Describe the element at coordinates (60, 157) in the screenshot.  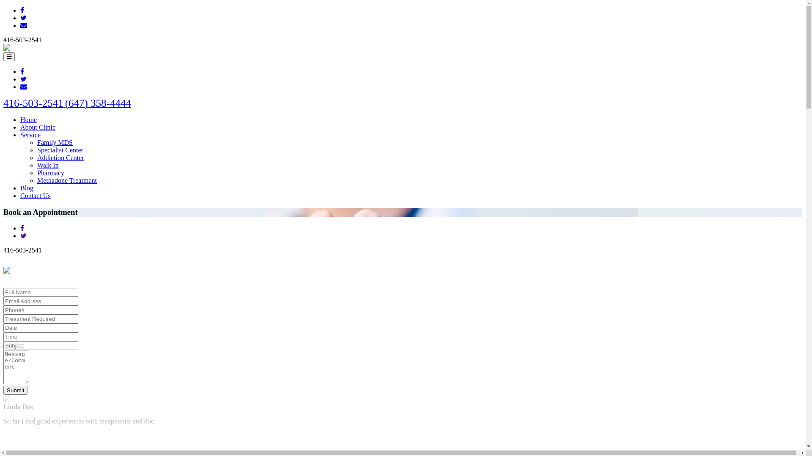
I see `'Addiction Center'` at that location.